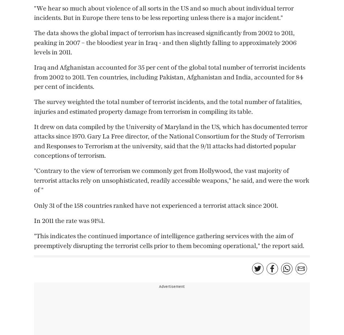 The height and width of the screenshot is (335, 344). What do you see at coordinates (125, 13) in the screenshot?
I see `'Privacy'` at bounding box center [125, 13].